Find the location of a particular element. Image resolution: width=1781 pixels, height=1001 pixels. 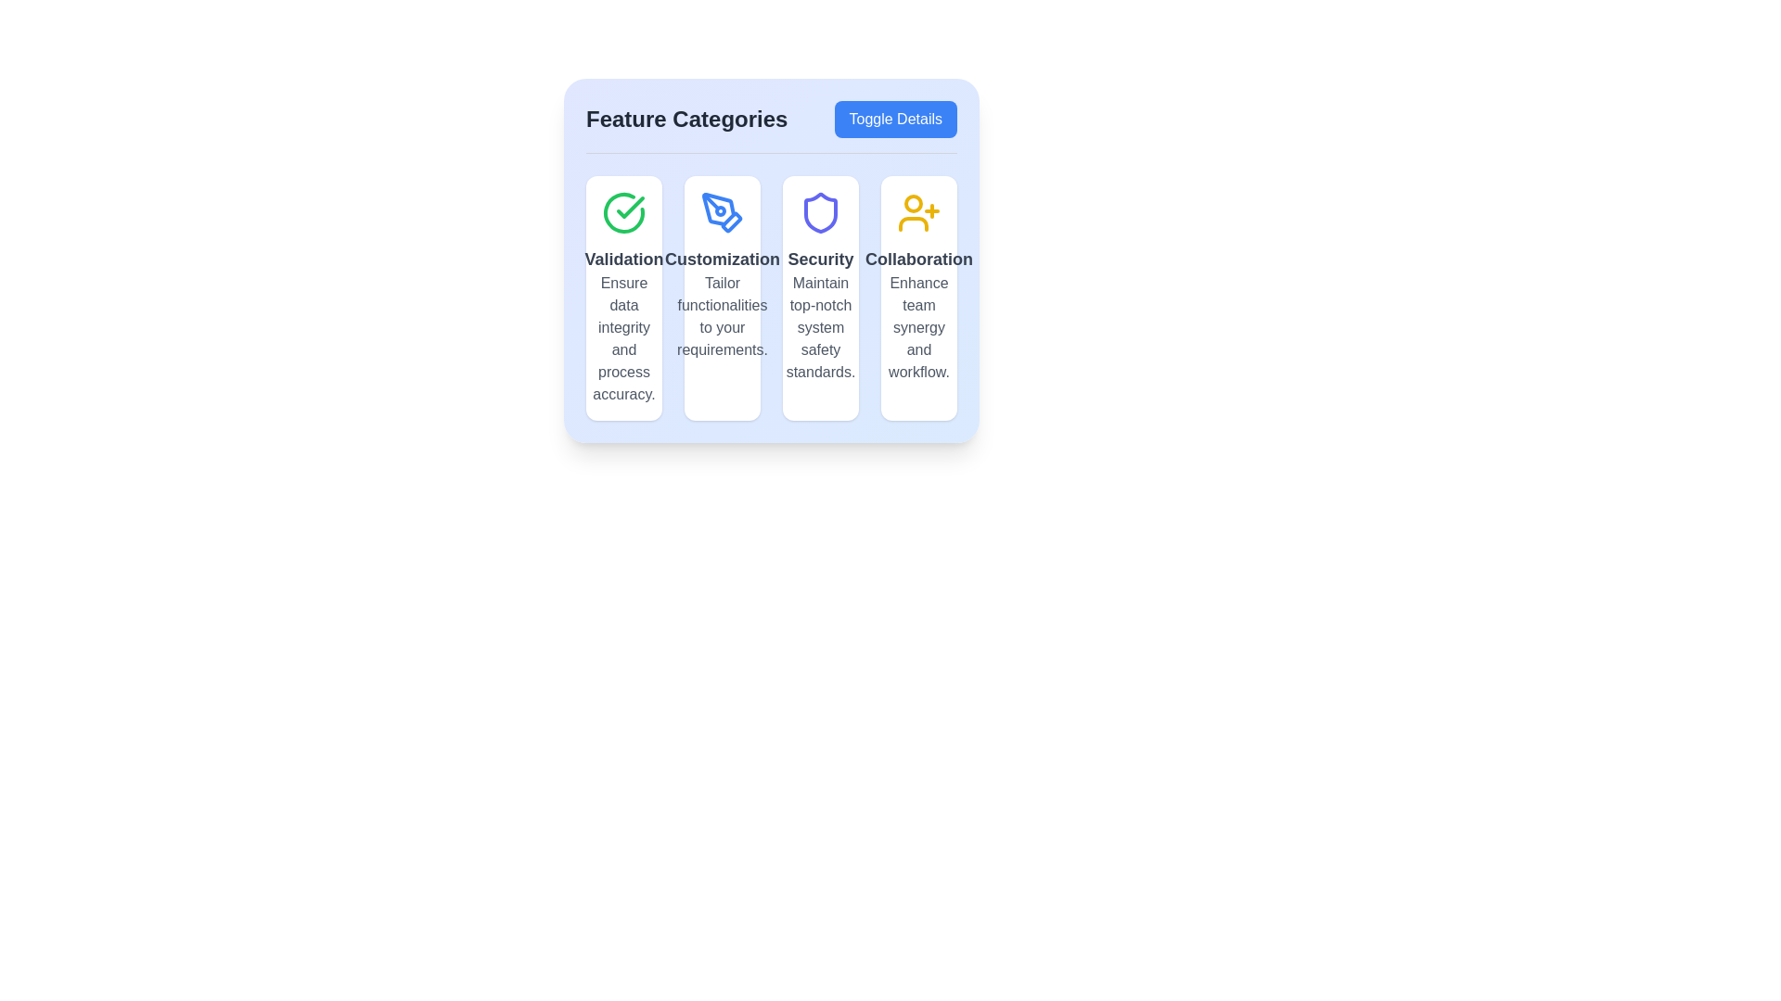

the toggle button located in the top-right corner underneath the 'Feature Categories' title is located at coordinates (895, 119).